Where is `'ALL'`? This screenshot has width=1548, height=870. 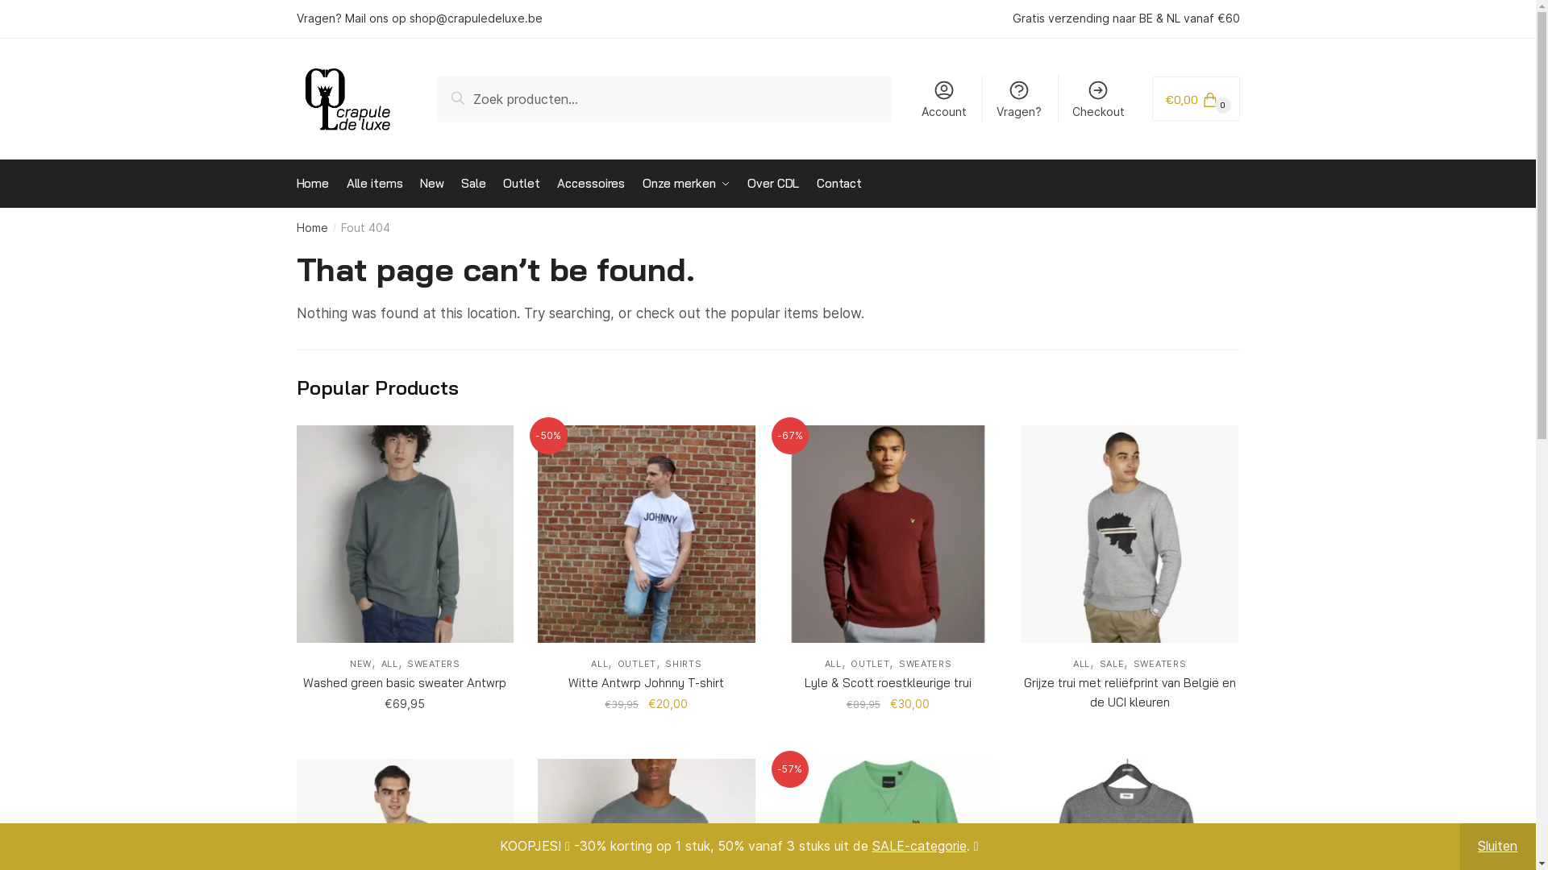
'ALL' is located at coordinates (1081, 664).